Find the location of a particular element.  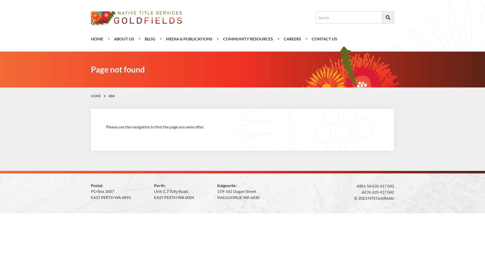

'Search for:' is located at coordinates (355, 17).